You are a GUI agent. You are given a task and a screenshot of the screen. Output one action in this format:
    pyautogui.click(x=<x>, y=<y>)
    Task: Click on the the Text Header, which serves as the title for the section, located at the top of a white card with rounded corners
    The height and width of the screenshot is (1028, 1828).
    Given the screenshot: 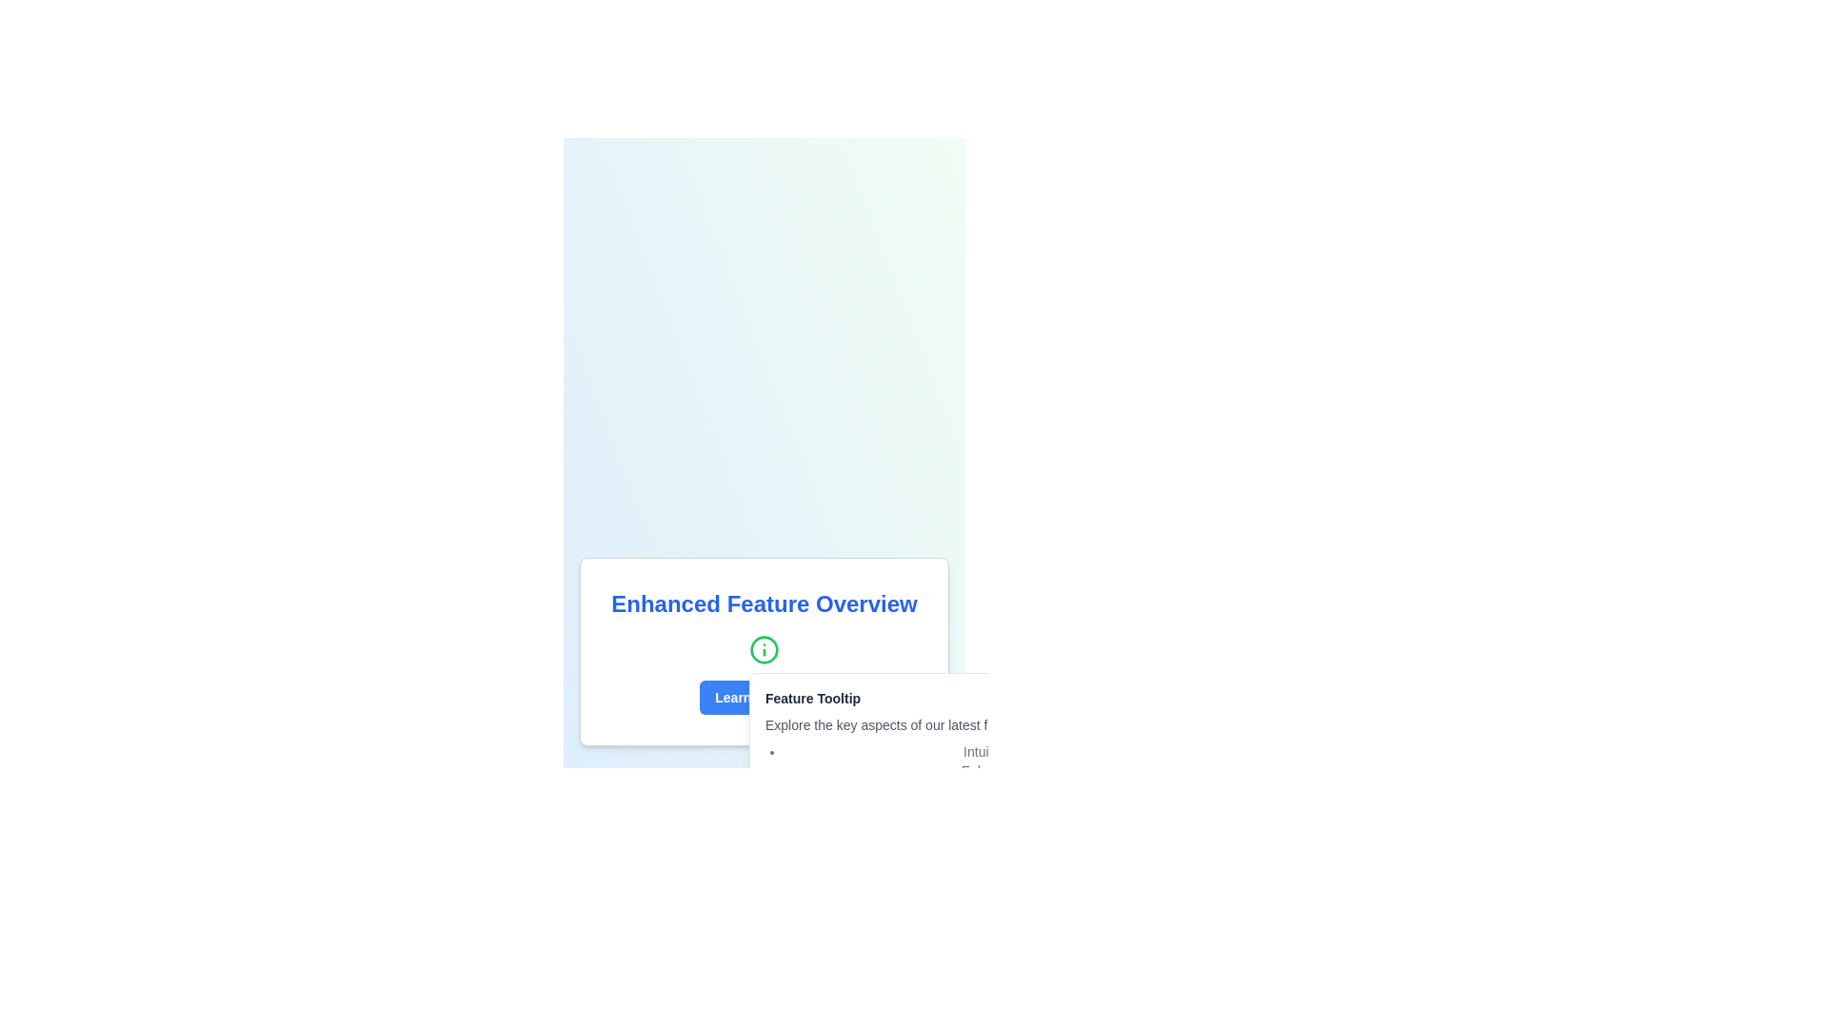 What is the action you would take?
    pyautogui.click(x=764, y=604)
    